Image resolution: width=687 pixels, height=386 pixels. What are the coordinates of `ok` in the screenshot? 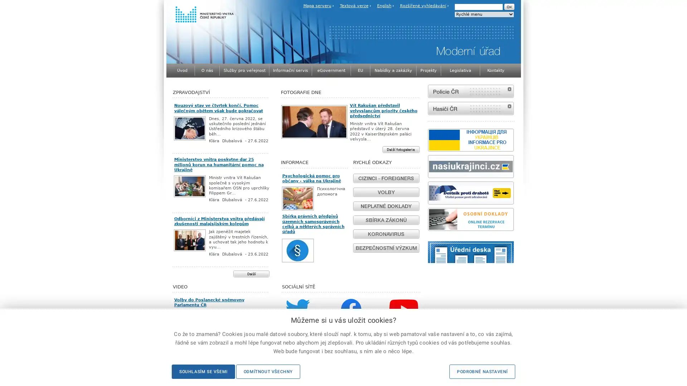 It's located at (508, 7).